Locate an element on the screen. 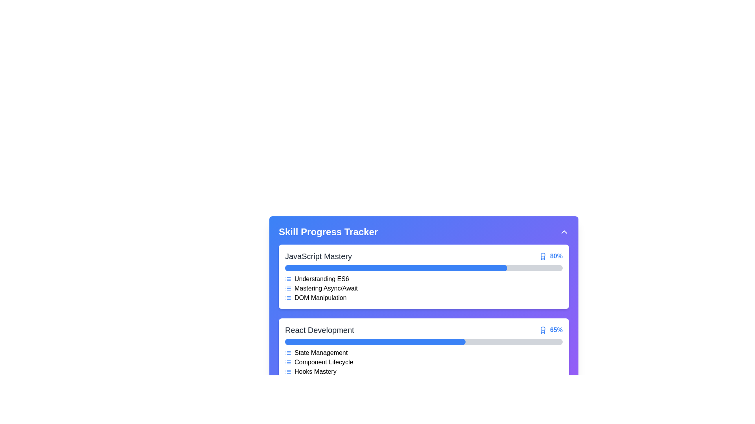 The image size is (755, 424). the small, blue-colored, vertically-oriented list icon that features three horizontal lines with rounded ends, located to the left of the 'Hooks Mastery' text in the Skill Progress Tracker interface is located at coordinates (288, 371).